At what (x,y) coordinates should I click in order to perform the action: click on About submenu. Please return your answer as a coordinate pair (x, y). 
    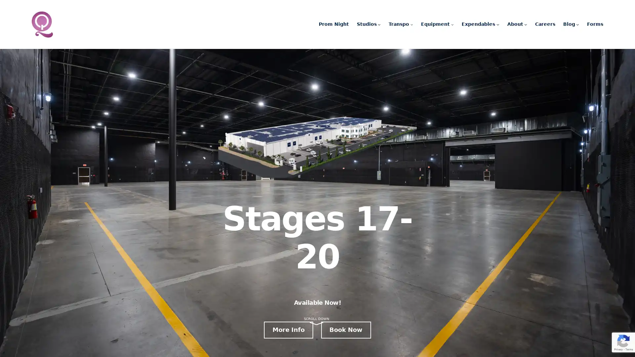
    Looking at the image, I should click on (525, 24).